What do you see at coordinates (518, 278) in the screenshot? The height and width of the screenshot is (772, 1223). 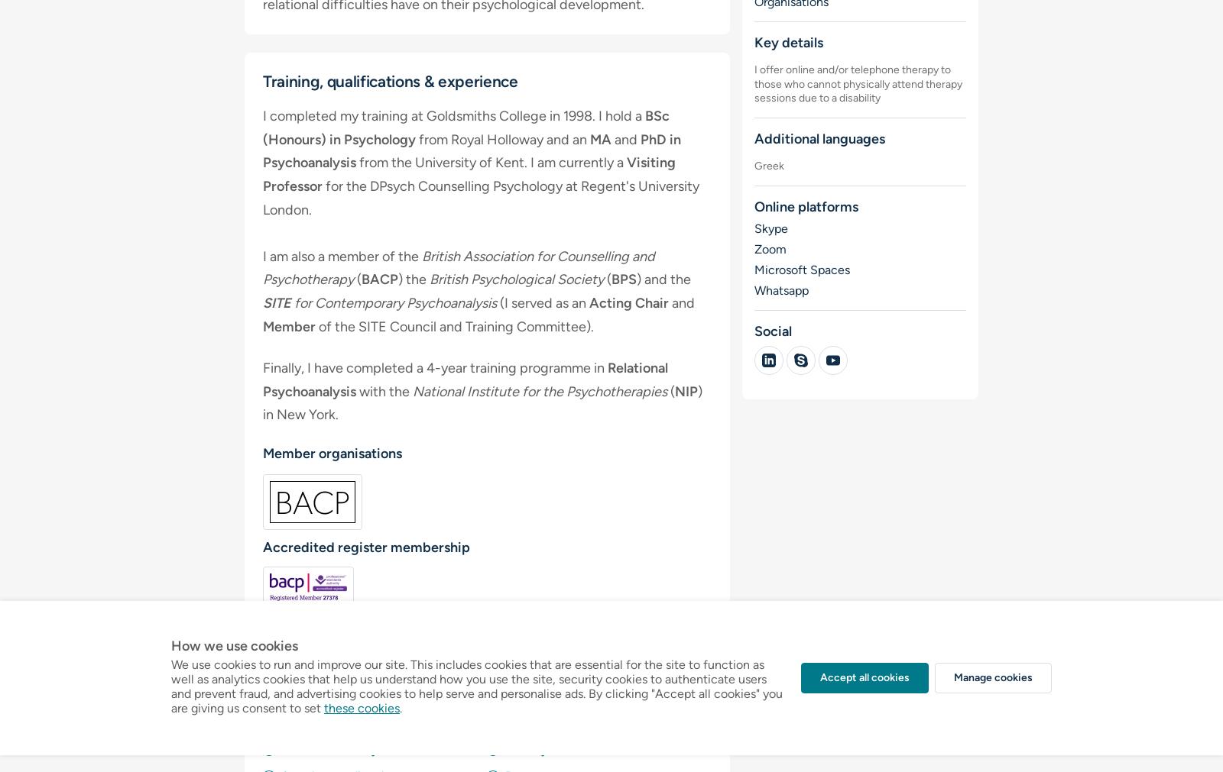 I see `'British Psychological Society'` at bounding box center [518, 278].